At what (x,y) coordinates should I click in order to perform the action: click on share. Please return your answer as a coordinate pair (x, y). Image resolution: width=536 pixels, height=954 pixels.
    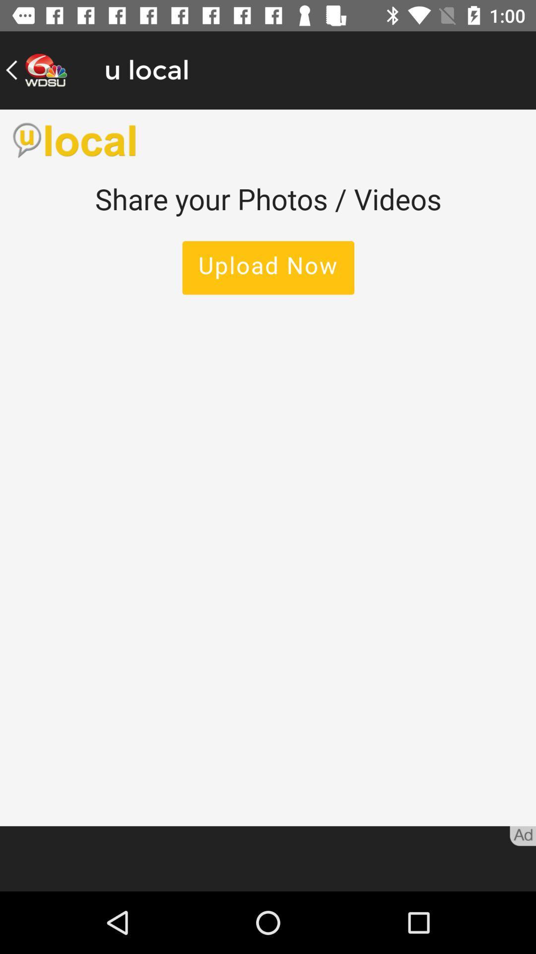
    Looking at the image, I should click on (268, 467).